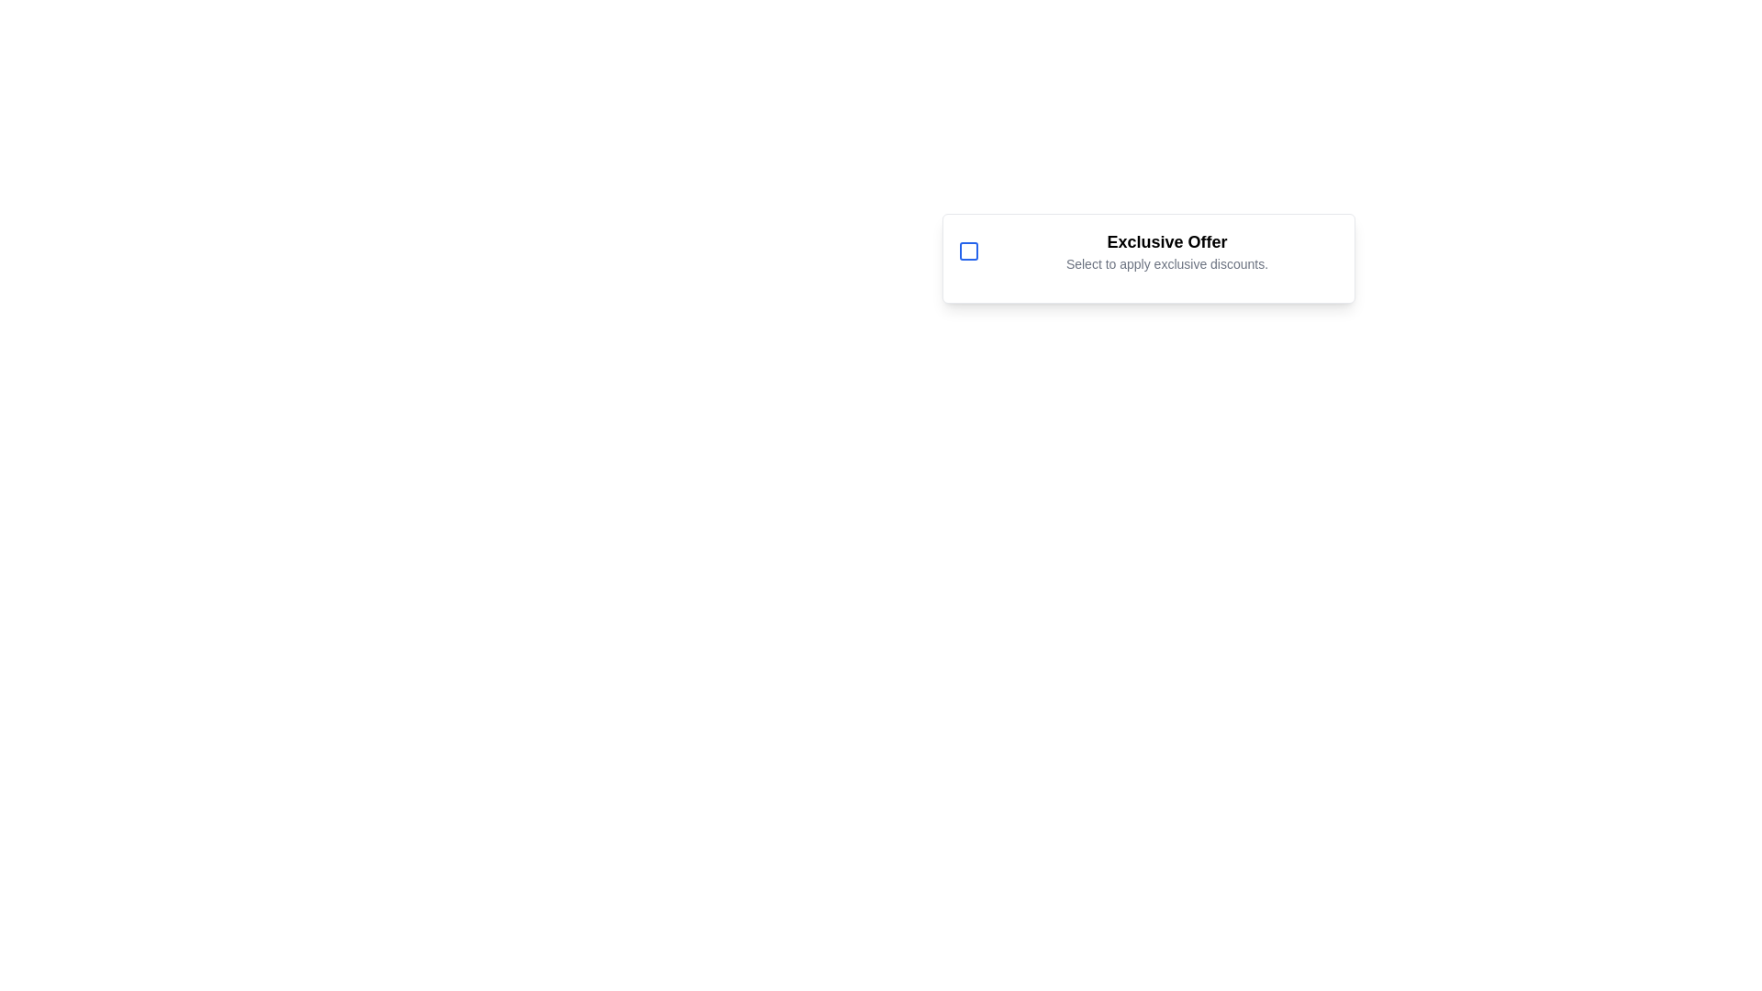  I want to click on the blue stroke square icon located to the left of the 'Exclusive Offer' text, so click(968, 251).